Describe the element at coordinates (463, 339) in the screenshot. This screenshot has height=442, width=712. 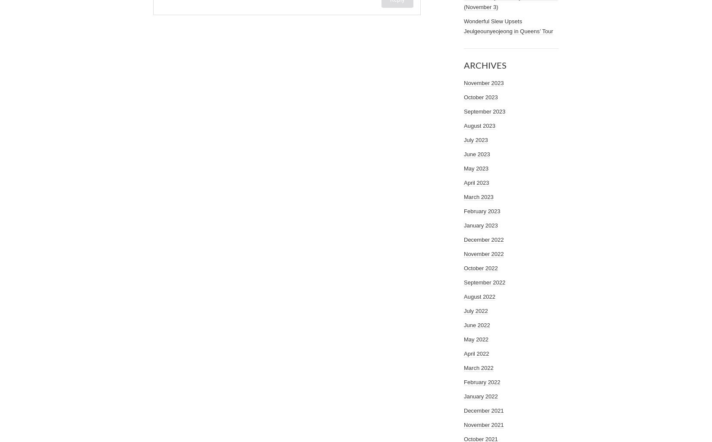
I see `'May 2022'` at that location.